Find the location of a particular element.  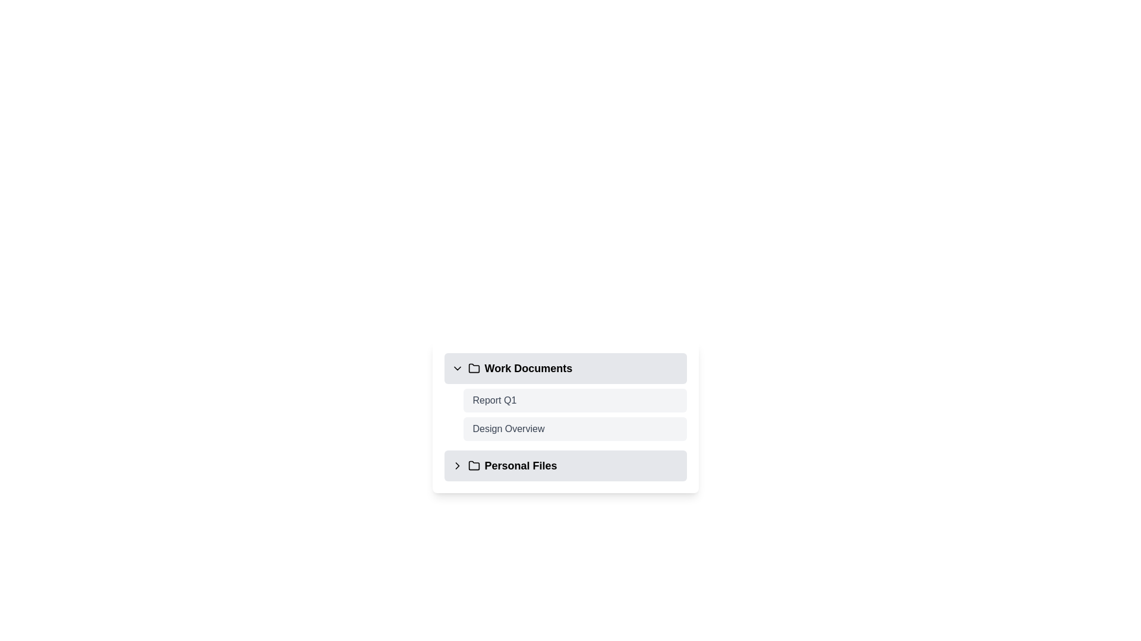

the chevron icon at the start of the 'Personal Files' row is located at coordinates (456, 465).